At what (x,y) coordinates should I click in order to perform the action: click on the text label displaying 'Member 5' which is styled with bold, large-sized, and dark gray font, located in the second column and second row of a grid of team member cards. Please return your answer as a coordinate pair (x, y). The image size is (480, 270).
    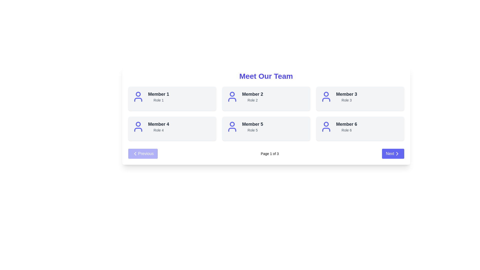
    Looking at the image, I should click on (252, 124).